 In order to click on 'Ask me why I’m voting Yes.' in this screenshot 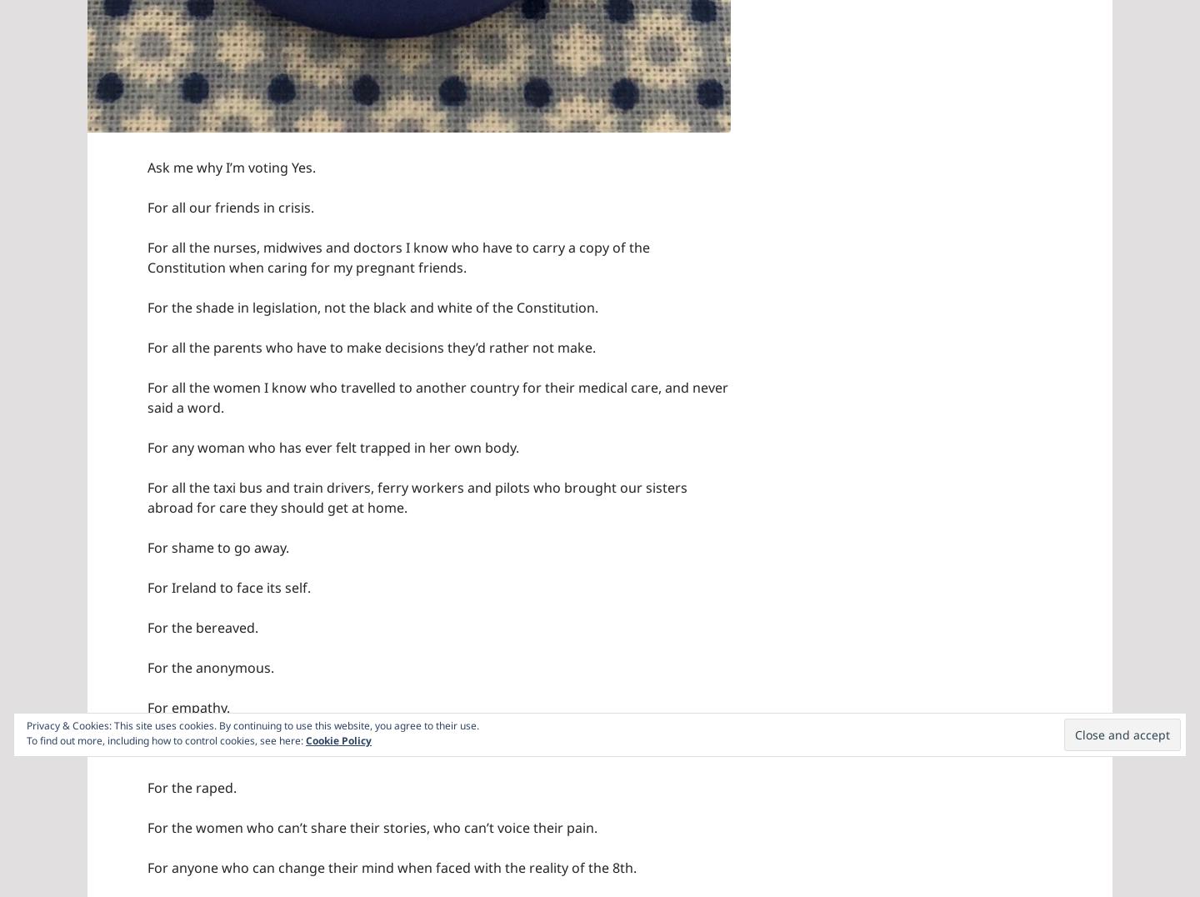, I will do `click(231, 166)`.